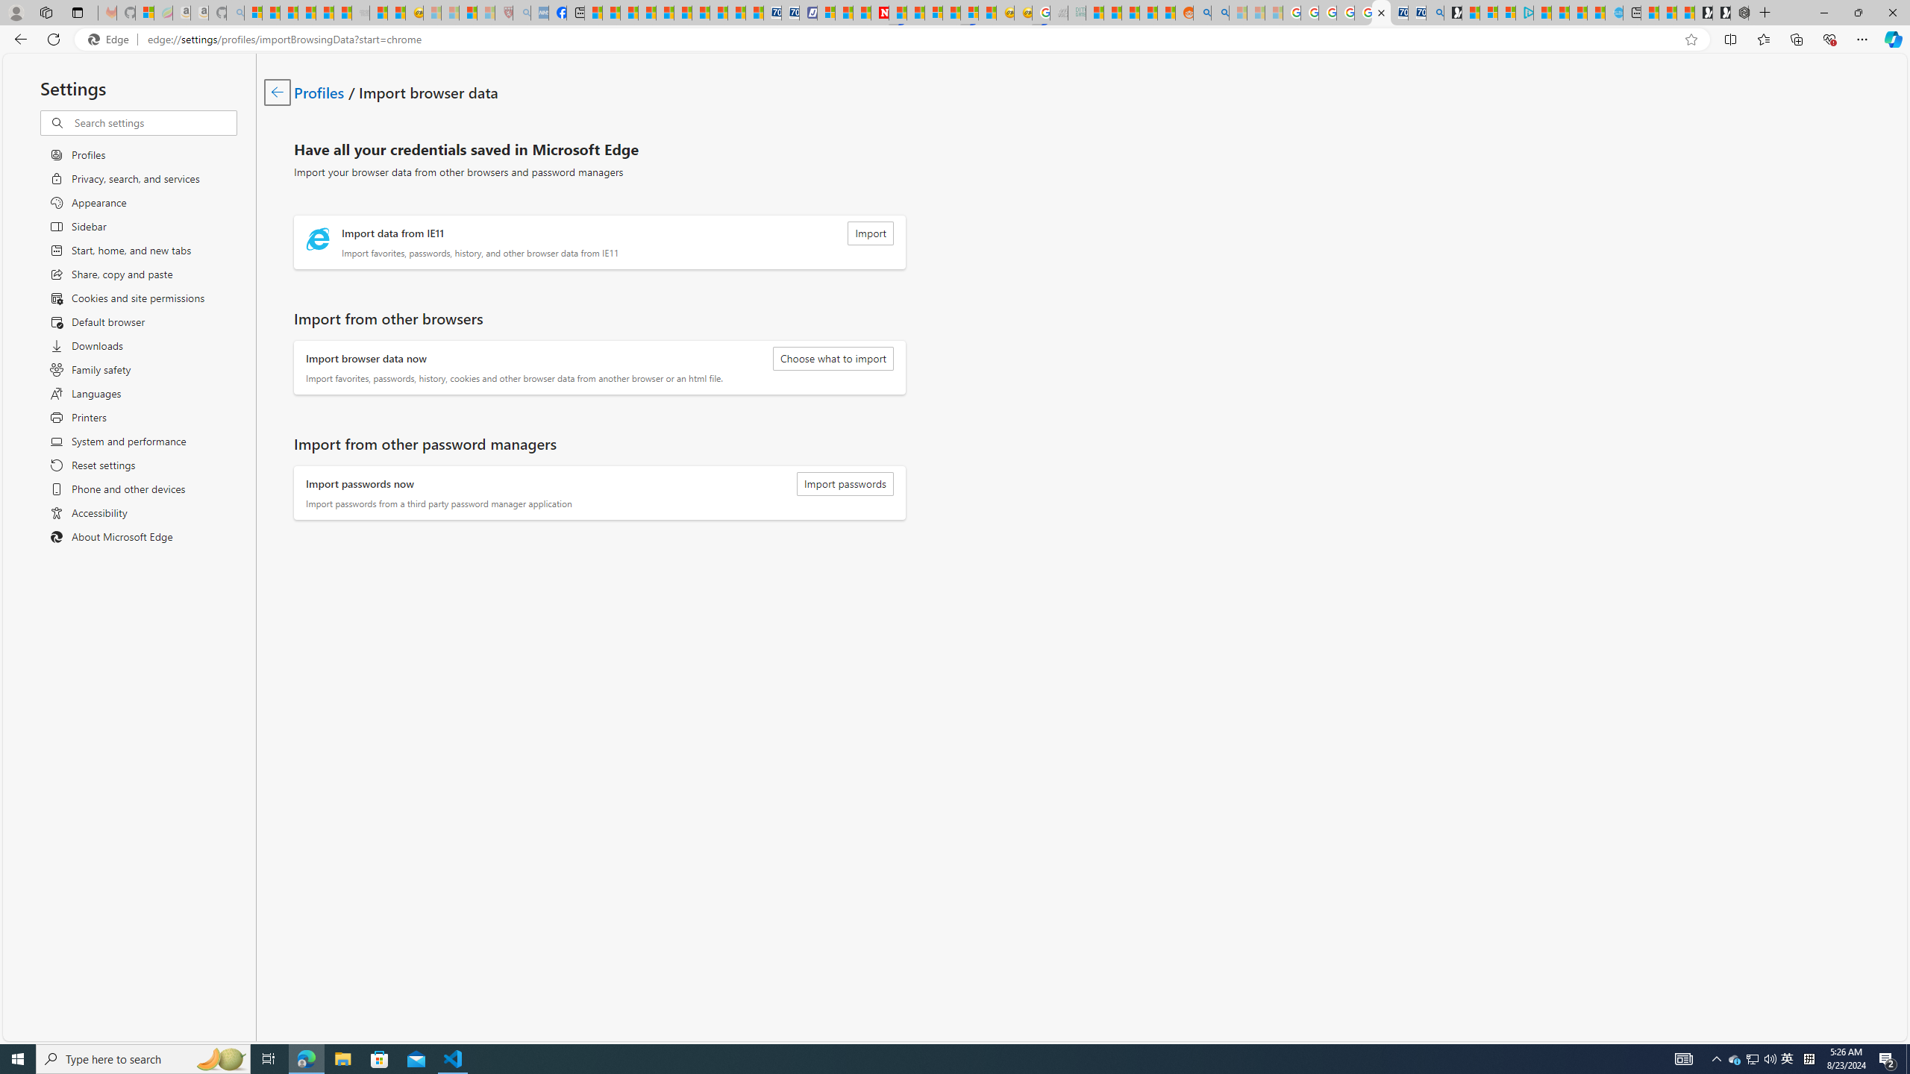  I want to click on 'Profiles', so click(319, 91).